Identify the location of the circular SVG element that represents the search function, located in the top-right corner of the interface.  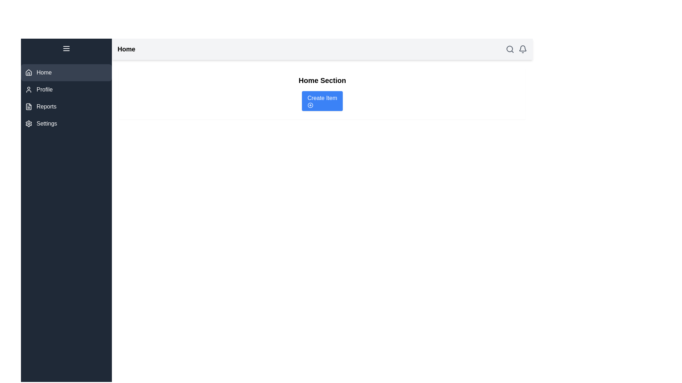
(509, 49).